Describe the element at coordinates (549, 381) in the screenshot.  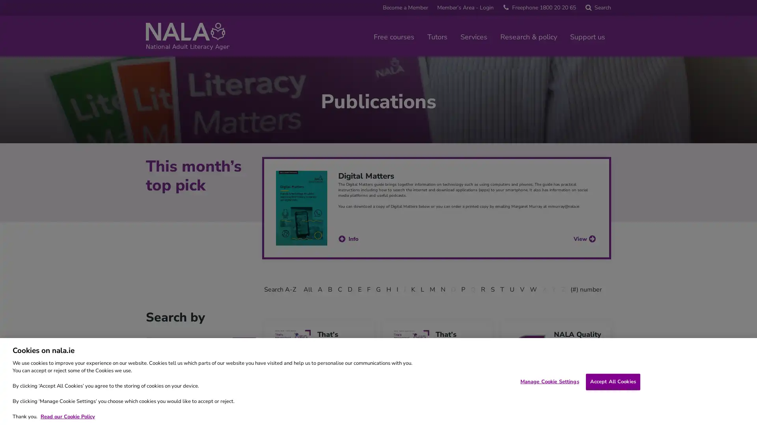
I see `Manage Cookie Settings` at that location.